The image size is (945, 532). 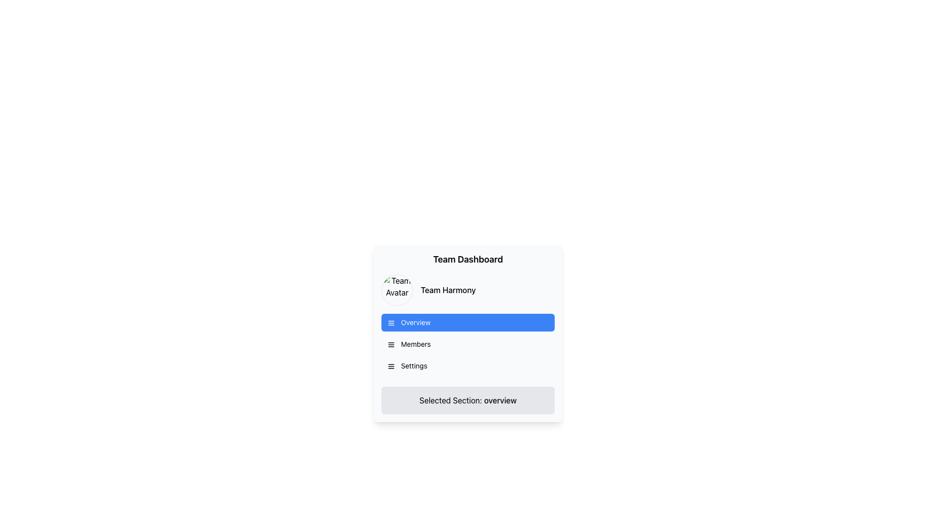 What do you see at coordinates (447, 290) in the screenshot?
I see `the Text label identifying the name of the team currently being viewed in the dashboard, located below 'Team Dashboard' and above the 'Overview' button` at bounding box center [447, 290].